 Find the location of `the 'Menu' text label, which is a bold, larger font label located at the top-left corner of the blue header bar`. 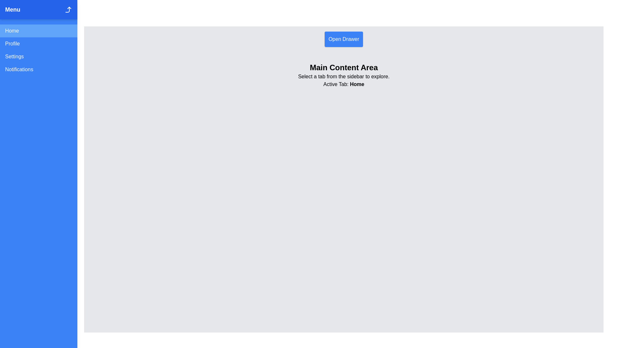

the 'Menu' text label, which is a bold, larger font label located at the top-left corner of the blue header bar is located at coordinates (13, 10).